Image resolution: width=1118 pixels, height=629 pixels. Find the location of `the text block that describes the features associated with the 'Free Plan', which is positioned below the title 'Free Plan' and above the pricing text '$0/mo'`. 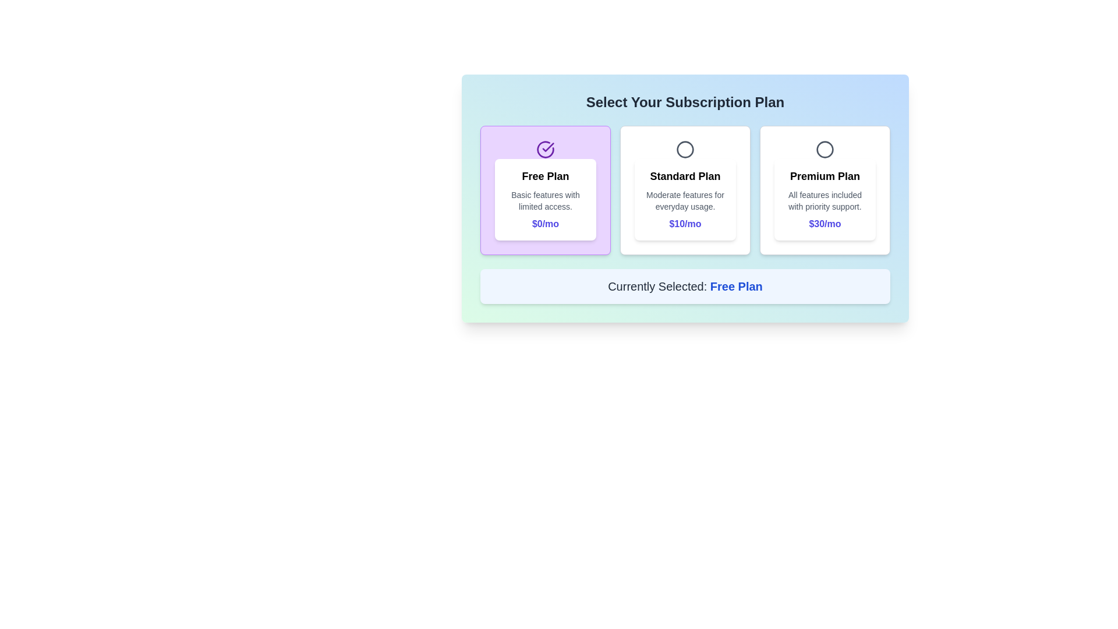

the text block that describes the features associated with the 'Free Plan', which is positioned below the title 'Free Plan' and above the pricing text '$0/mo' is located at coordinates (544, 200).